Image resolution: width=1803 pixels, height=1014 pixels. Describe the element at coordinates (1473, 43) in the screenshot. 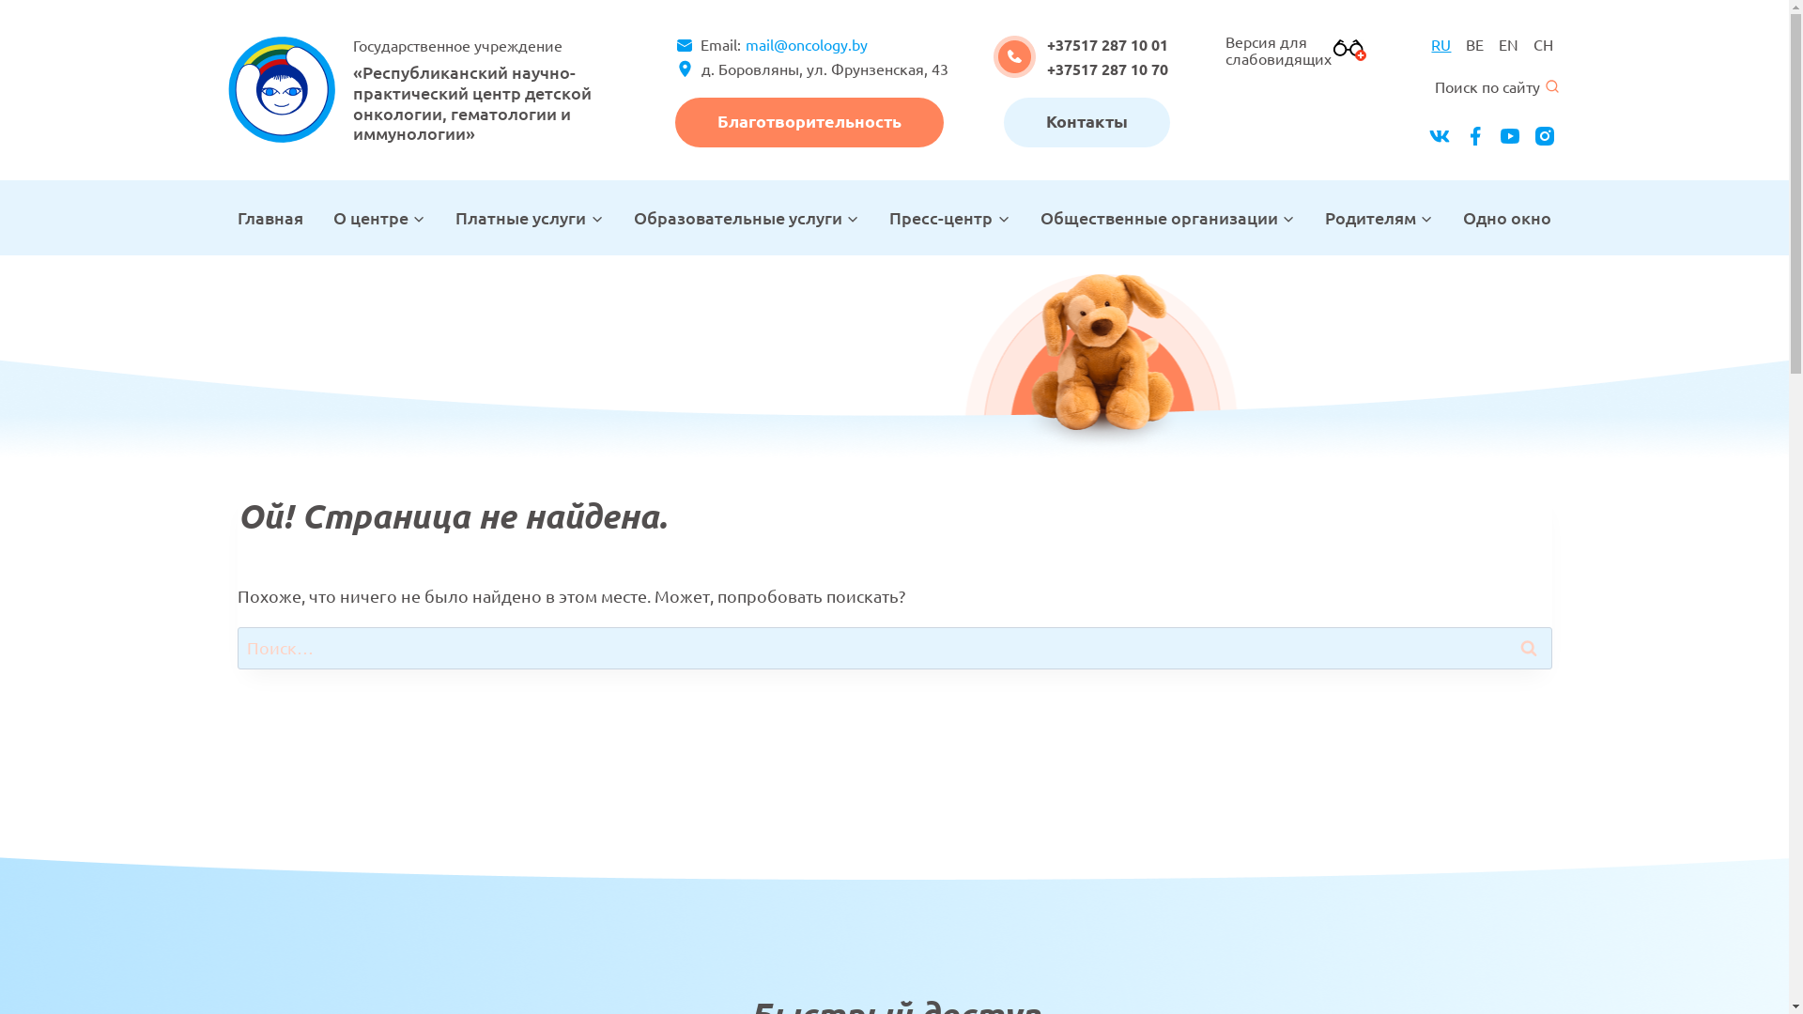

I see `'BE'` at that location.